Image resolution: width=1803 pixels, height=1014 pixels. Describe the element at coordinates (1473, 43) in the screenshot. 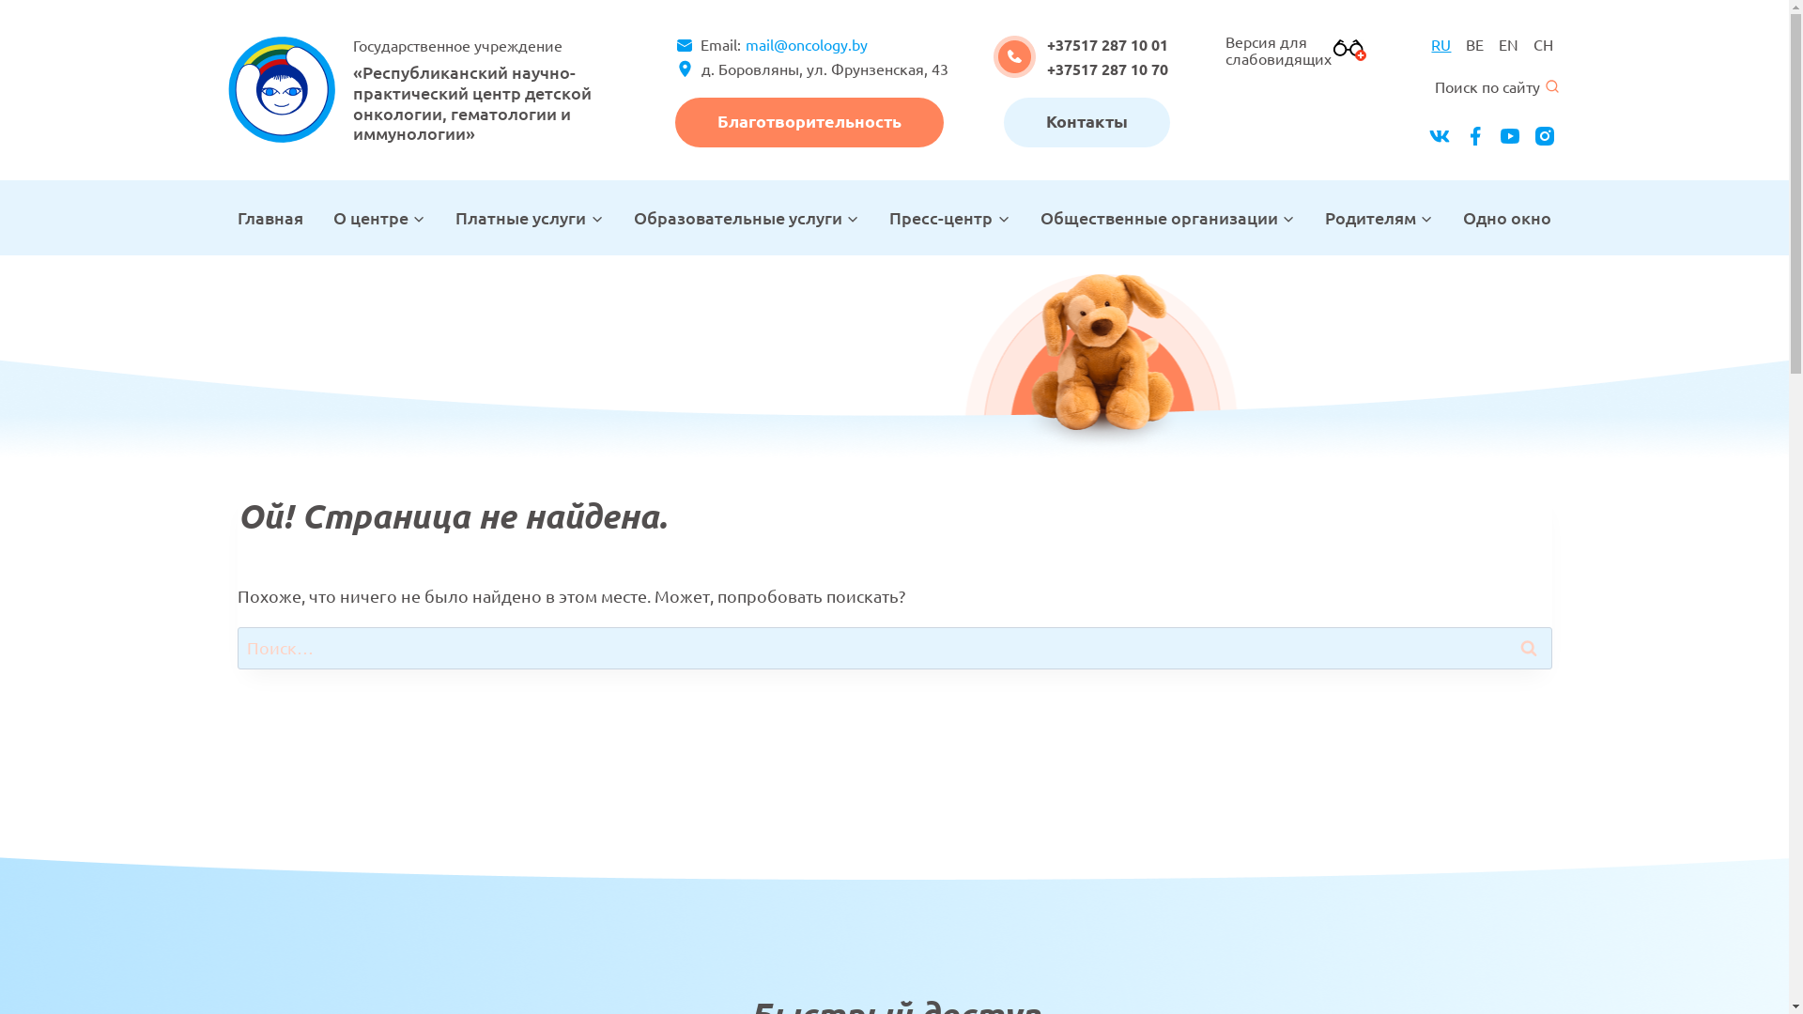

I see `'BE'` at that location.